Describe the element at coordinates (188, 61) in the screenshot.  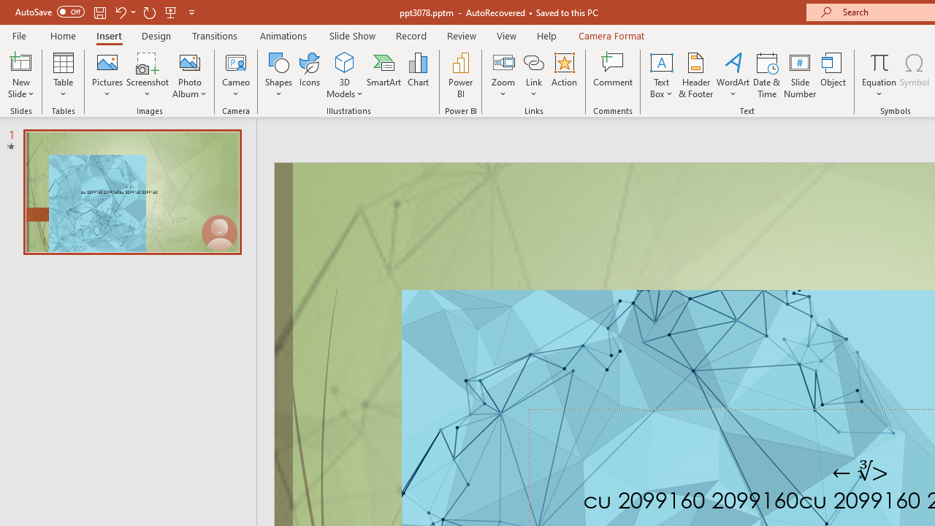
I see `'New Photo Album...'` at that location.